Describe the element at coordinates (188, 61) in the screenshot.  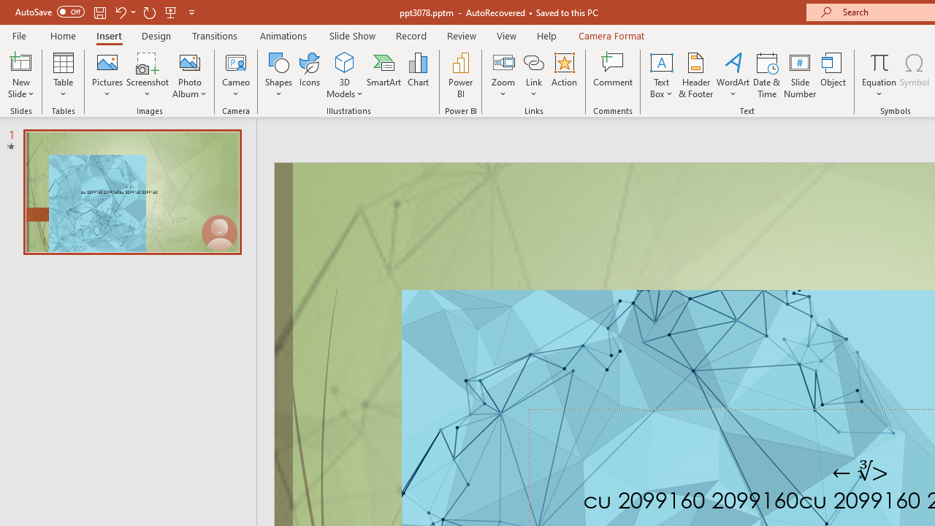
I see `'New Photo Album...'` at that location.